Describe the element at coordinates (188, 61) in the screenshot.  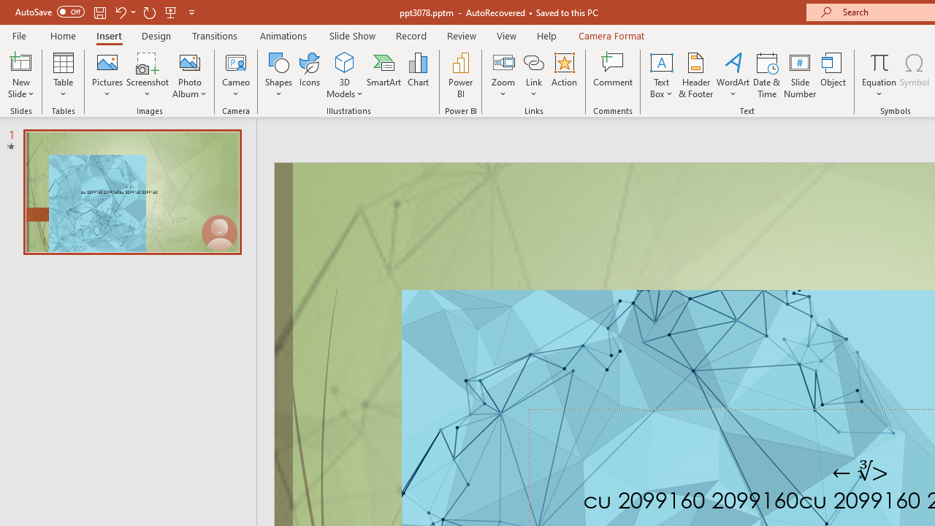
I see `'New Photo Album...'` at that location.